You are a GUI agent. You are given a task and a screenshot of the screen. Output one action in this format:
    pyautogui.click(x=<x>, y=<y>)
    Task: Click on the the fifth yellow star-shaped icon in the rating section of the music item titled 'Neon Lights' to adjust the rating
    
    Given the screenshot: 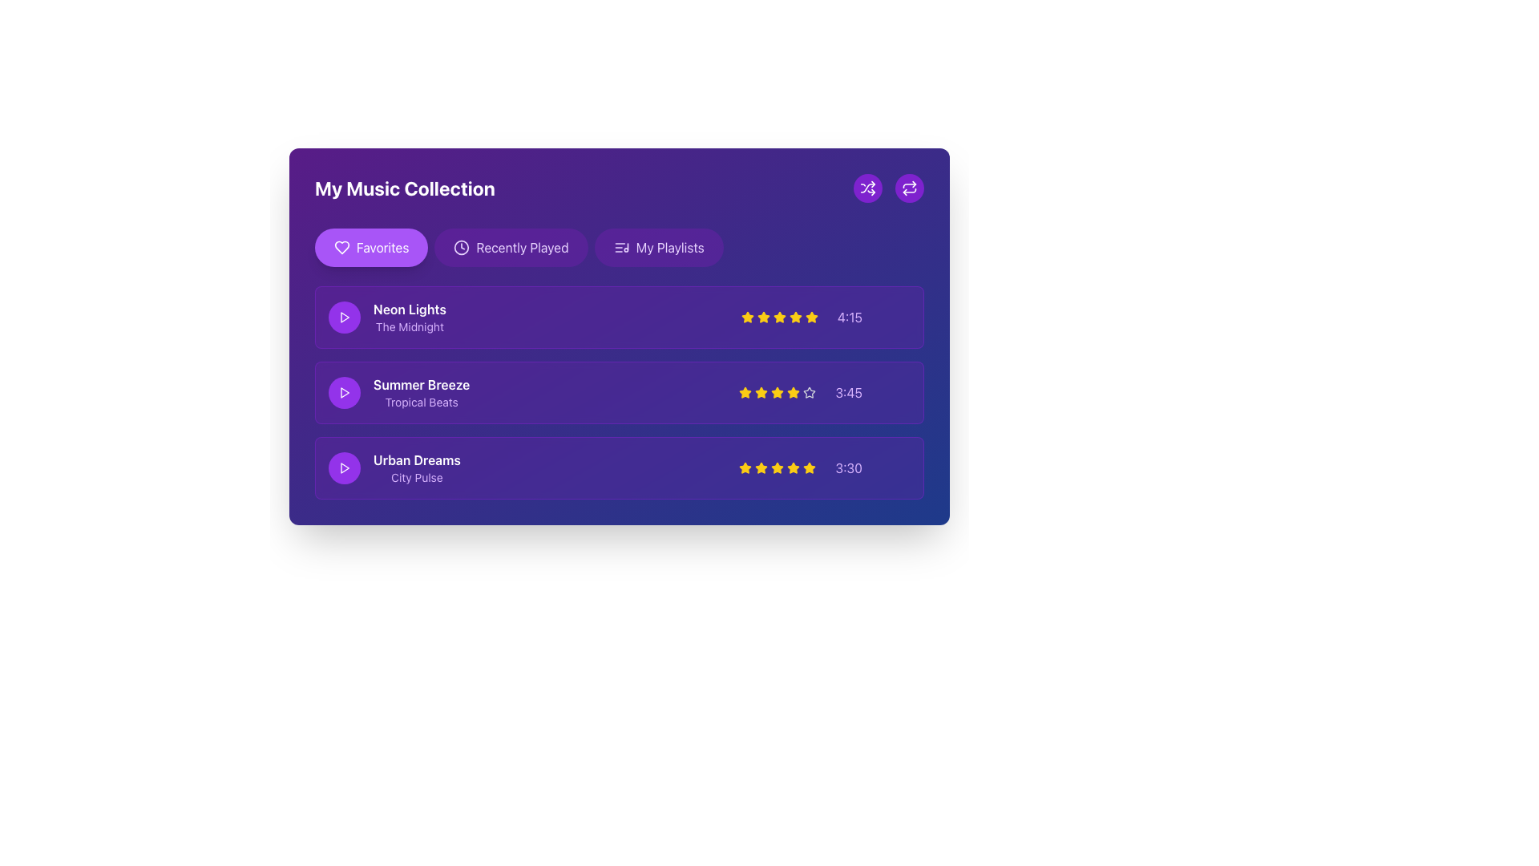 What is the action you would take?
    pyautogui.click(x=779, y=318)
    